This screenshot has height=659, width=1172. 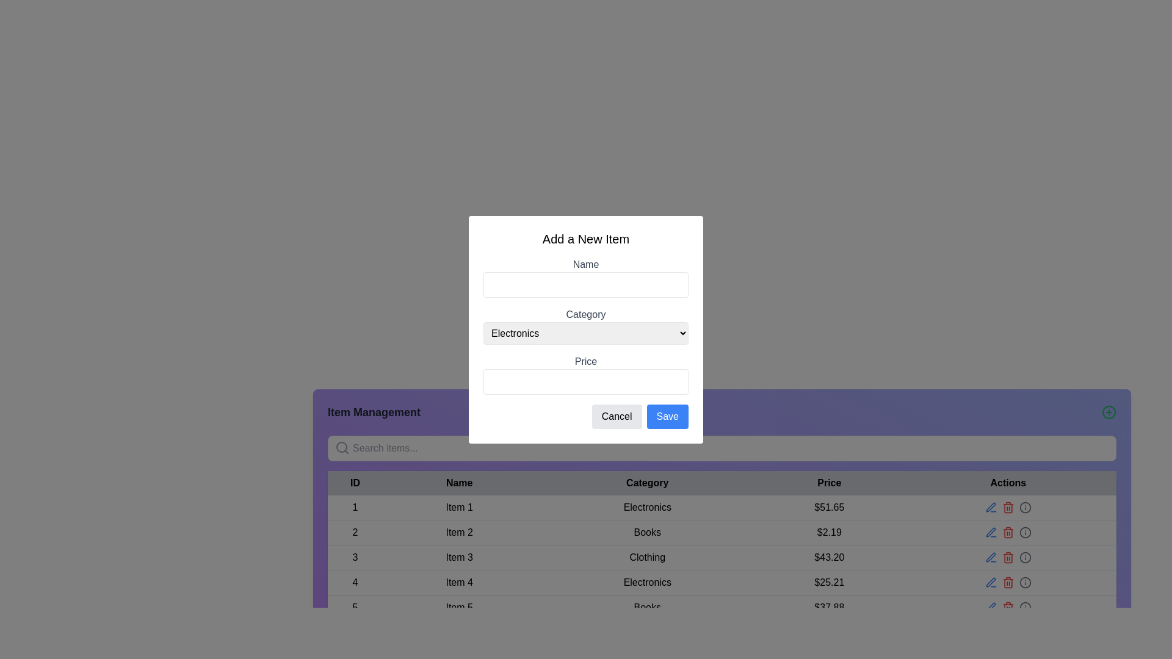 What do you see at coordinates (991, 531) in the screenshot?
I see `the blue pen icon representing the edit action located in the 'Actions' column of the data table` at bounding box center [991, 531].